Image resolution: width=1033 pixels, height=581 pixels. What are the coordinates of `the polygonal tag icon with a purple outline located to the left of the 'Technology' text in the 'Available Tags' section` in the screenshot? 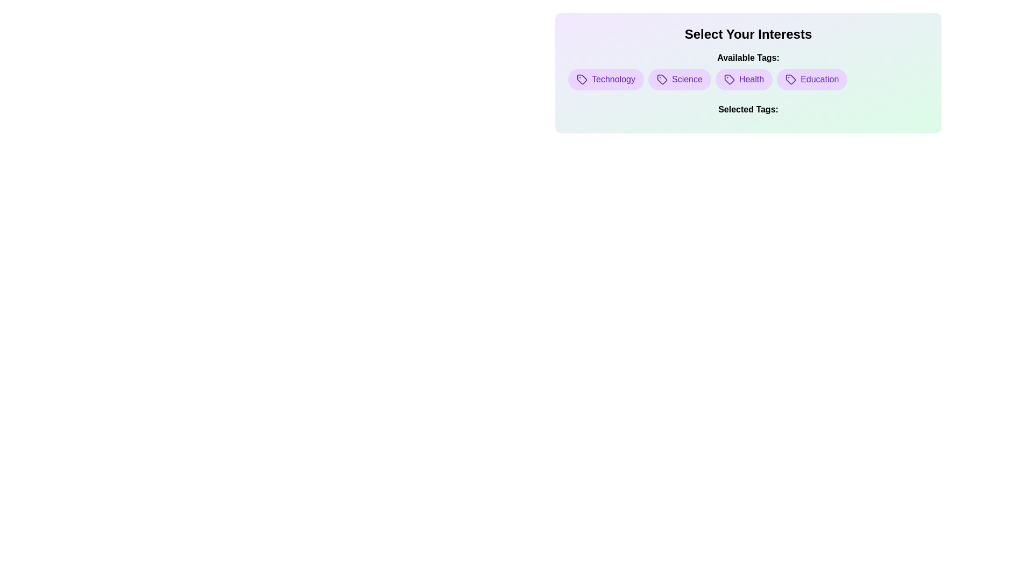 It's located at (581, 79).